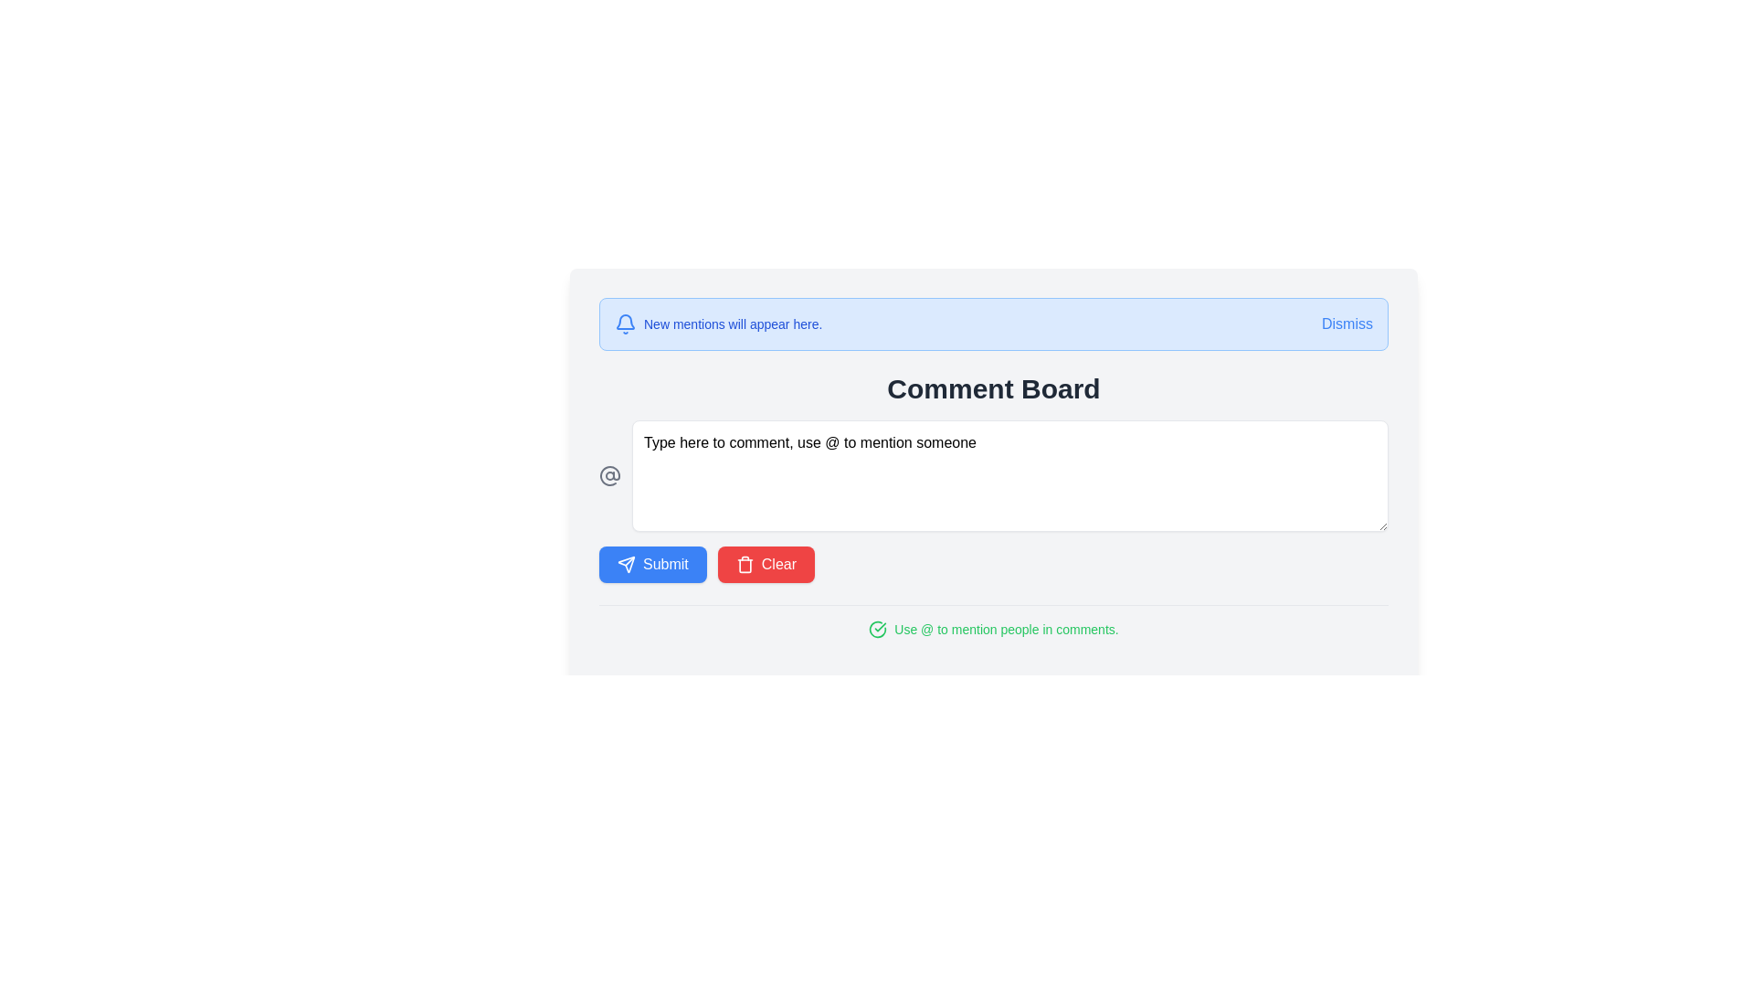  Describe the element at coordinates (626, 323) in the screenshot. I see `the bell icon located at the top of the notification banner, which serves as a visual cue for notifications` at that location.